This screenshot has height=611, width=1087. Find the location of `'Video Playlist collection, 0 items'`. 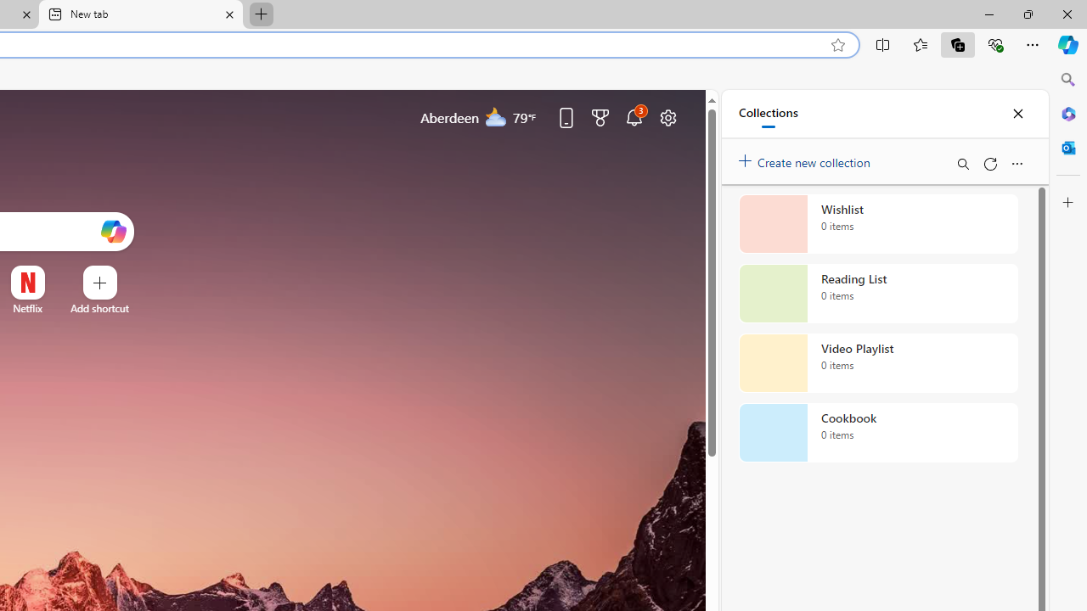

'Video Playlist collection, 0 items' is located at coordinates (878, 362).